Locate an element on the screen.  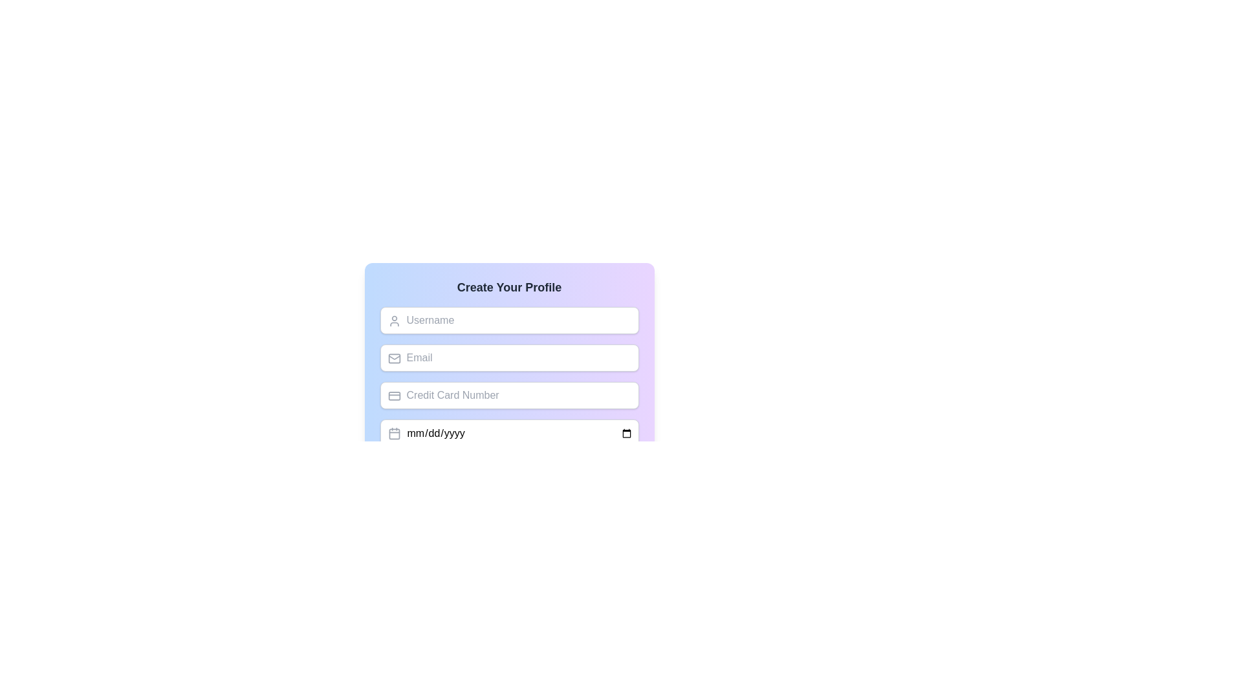
the decorative rectangular shape within the calendar icon located at the rightmost end of the date selection field in the input group labeled 'mm/dd/yyyy' is located at coordinates (393, 434).